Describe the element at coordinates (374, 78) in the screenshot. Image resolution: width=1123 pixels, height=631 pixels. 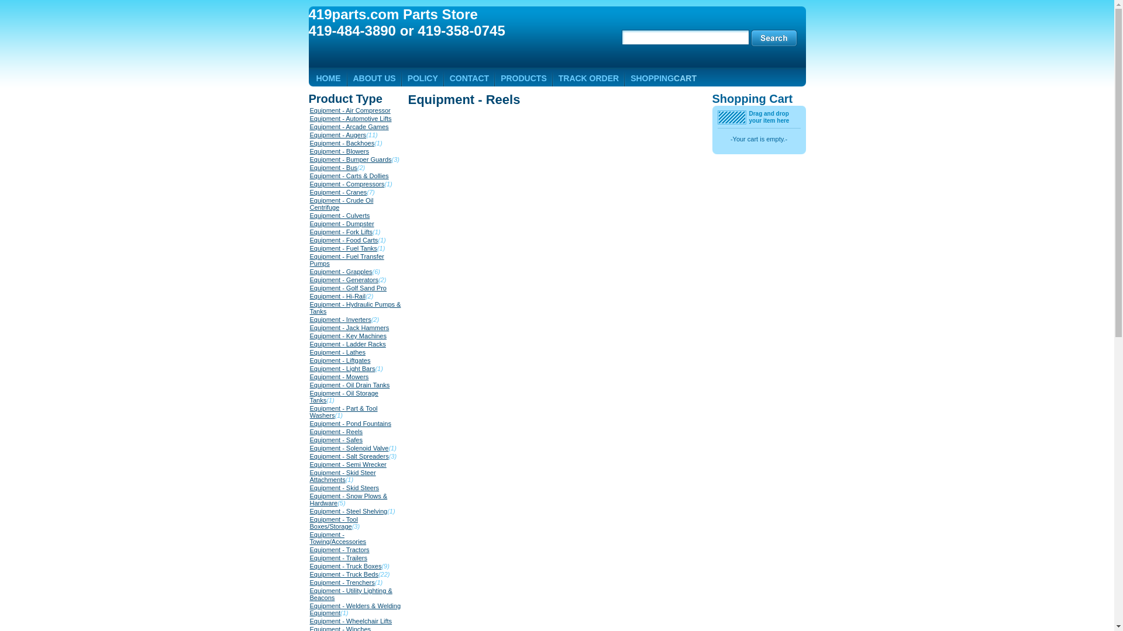
I see `'ABOUT US'` at that location.